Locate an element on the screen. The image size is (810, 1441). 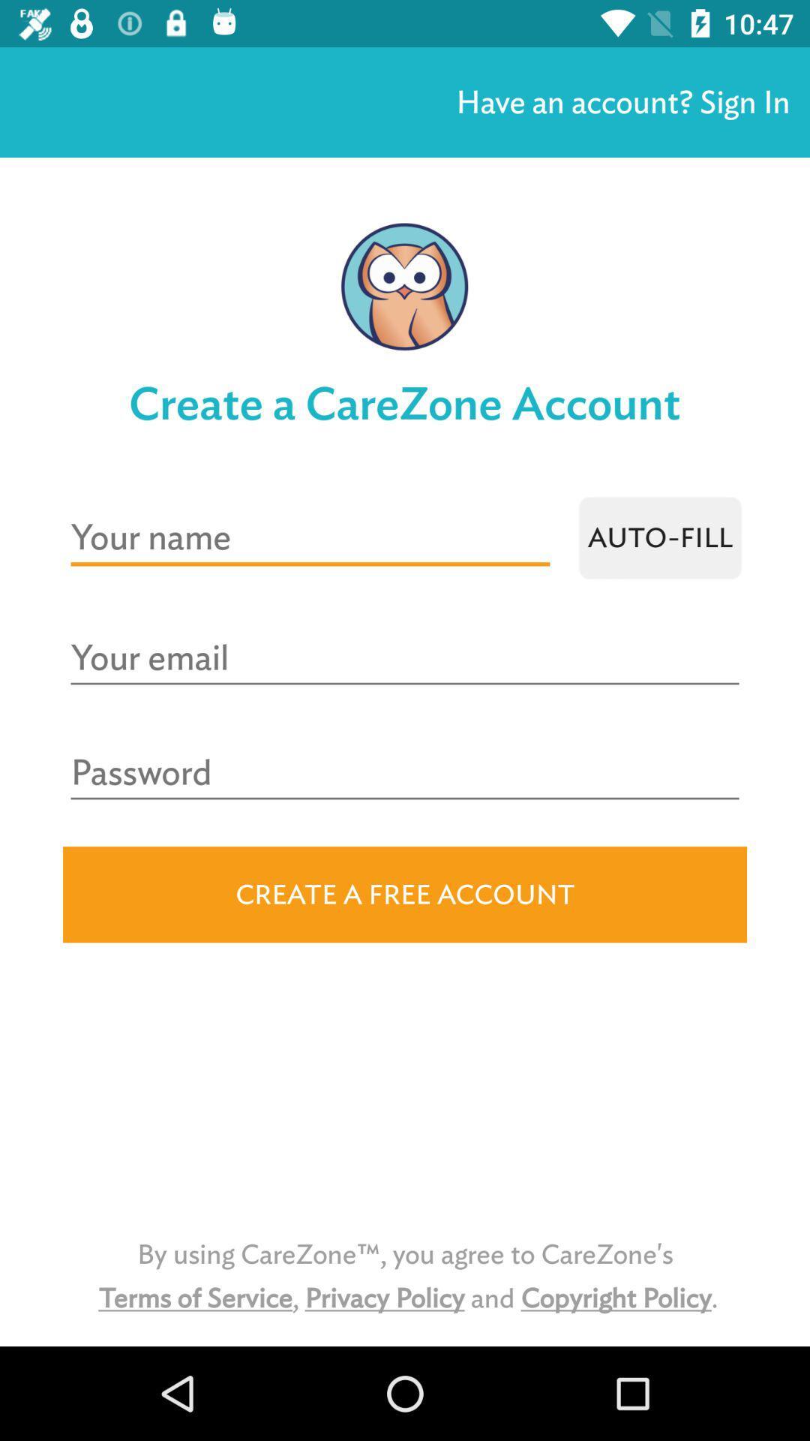
by using carezone icon is located at coordinates (405, 1275).